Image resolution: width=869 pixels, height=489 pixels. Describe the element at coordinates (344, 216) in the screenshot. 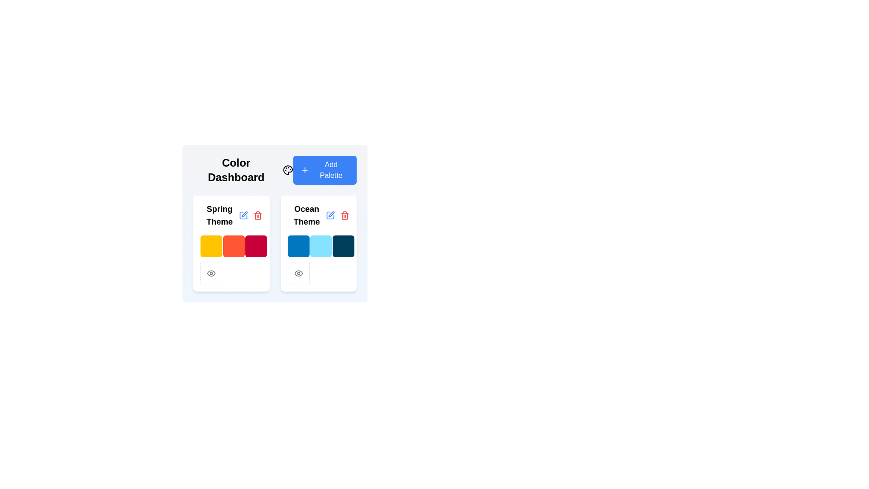

I see `the trash can icon fragment located at the top-right area of the interface` at that location.